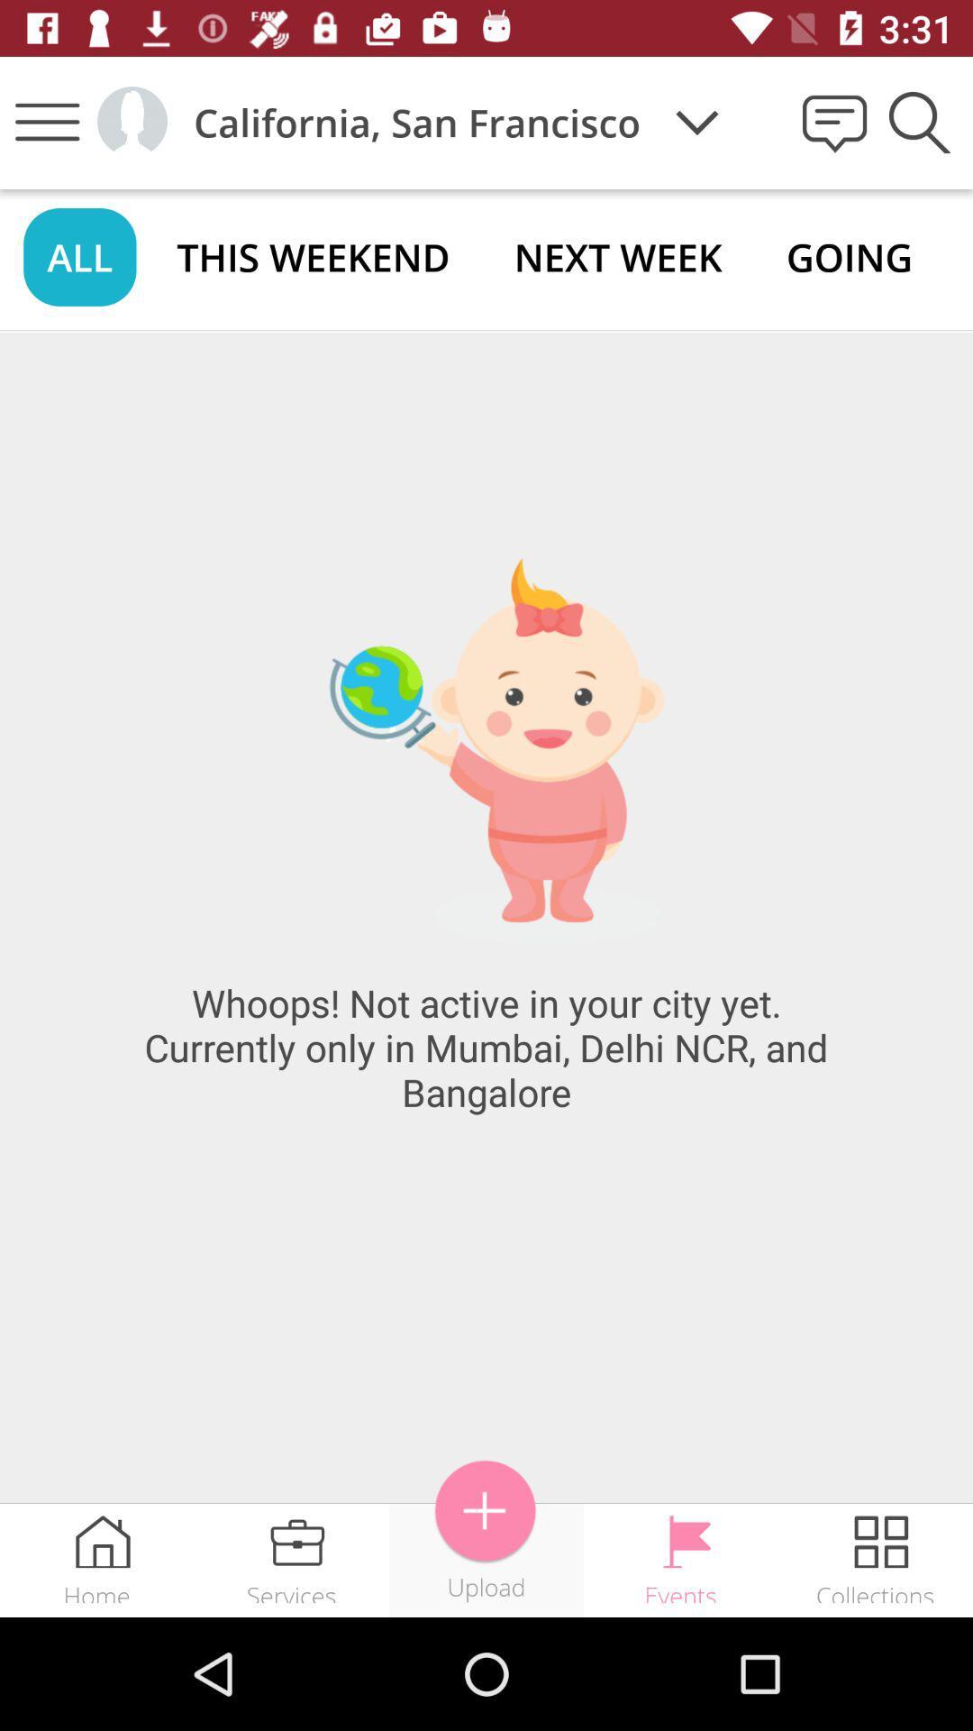 Image resolution: width=973 pixels, height=1731 pixels. Describe the element at coordinates (485, 1511) in the screenshot. I see `icon next to services icon` at that location.